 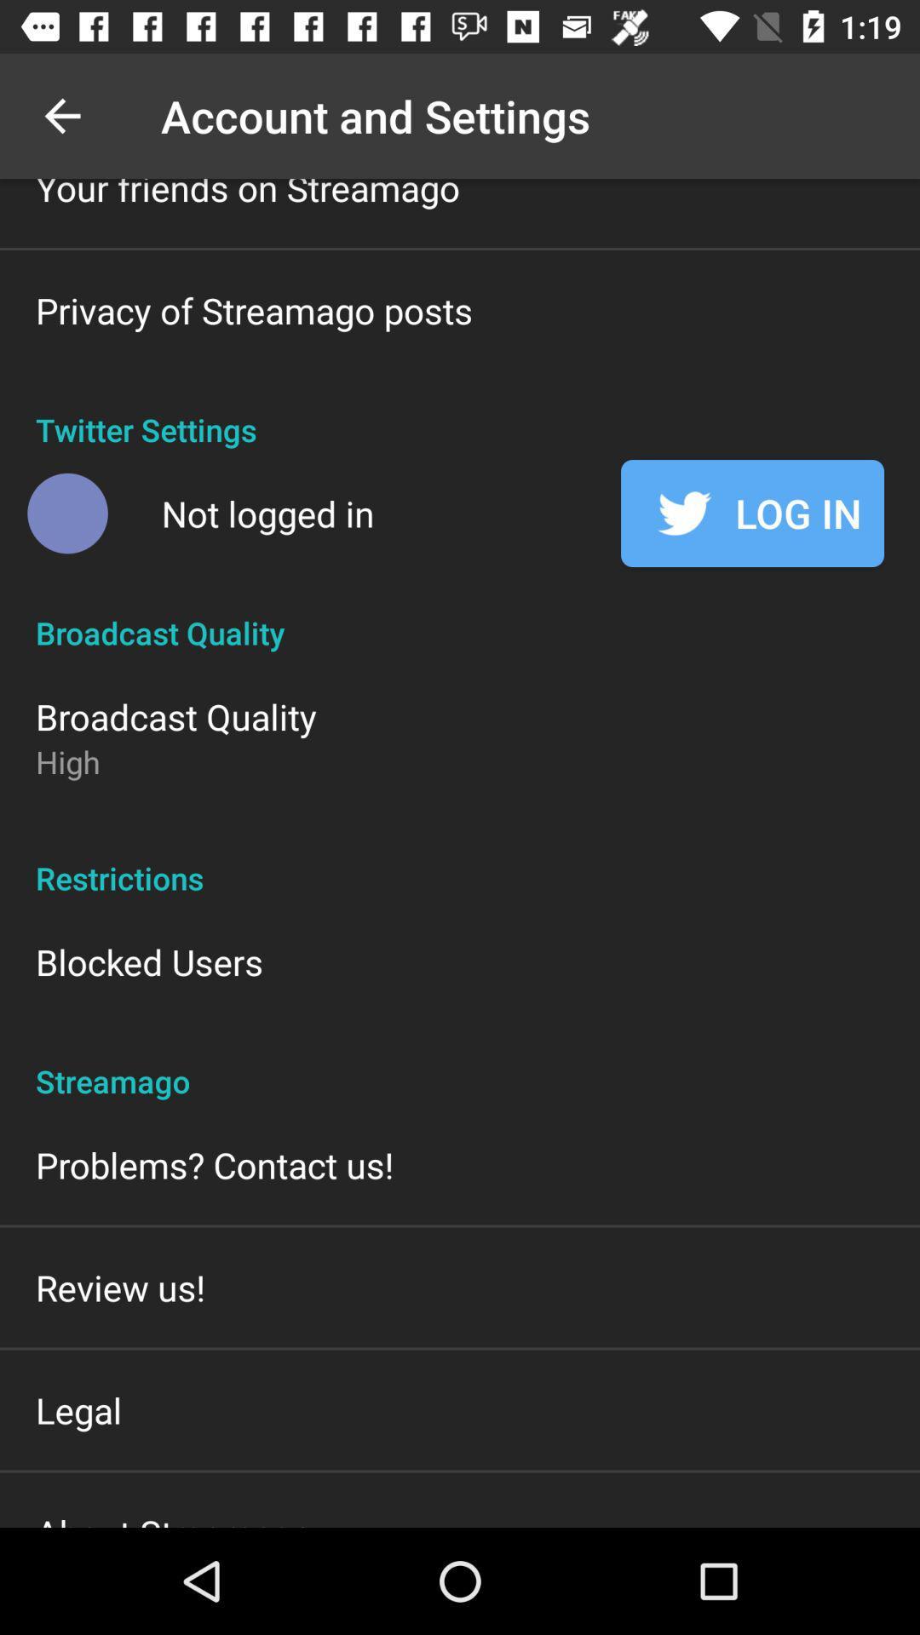 I want to click on icon next to not logged in icon, so click(x=66, y=513).